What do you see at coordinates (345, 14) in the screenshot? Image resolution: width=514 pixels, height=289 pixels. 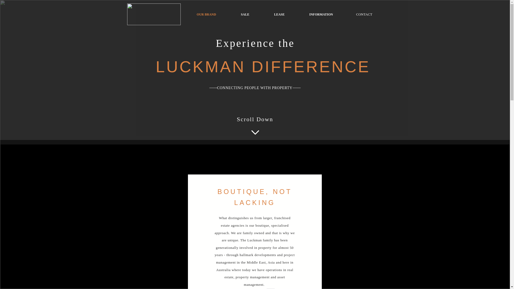 I see `'CONTACT'` at bounding box center [345, 14].